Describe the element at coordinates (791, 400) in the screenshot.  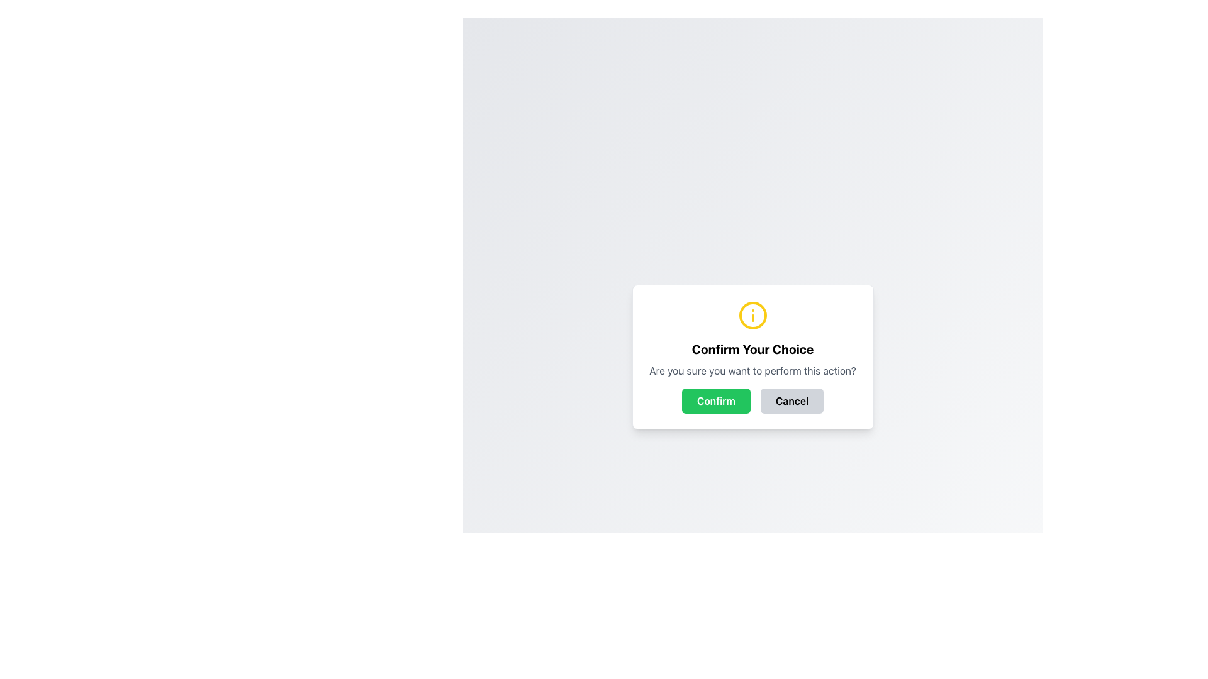
I see `the cancel button located below the confirmation text in the modal dialog to observe the hover effect` at that location.